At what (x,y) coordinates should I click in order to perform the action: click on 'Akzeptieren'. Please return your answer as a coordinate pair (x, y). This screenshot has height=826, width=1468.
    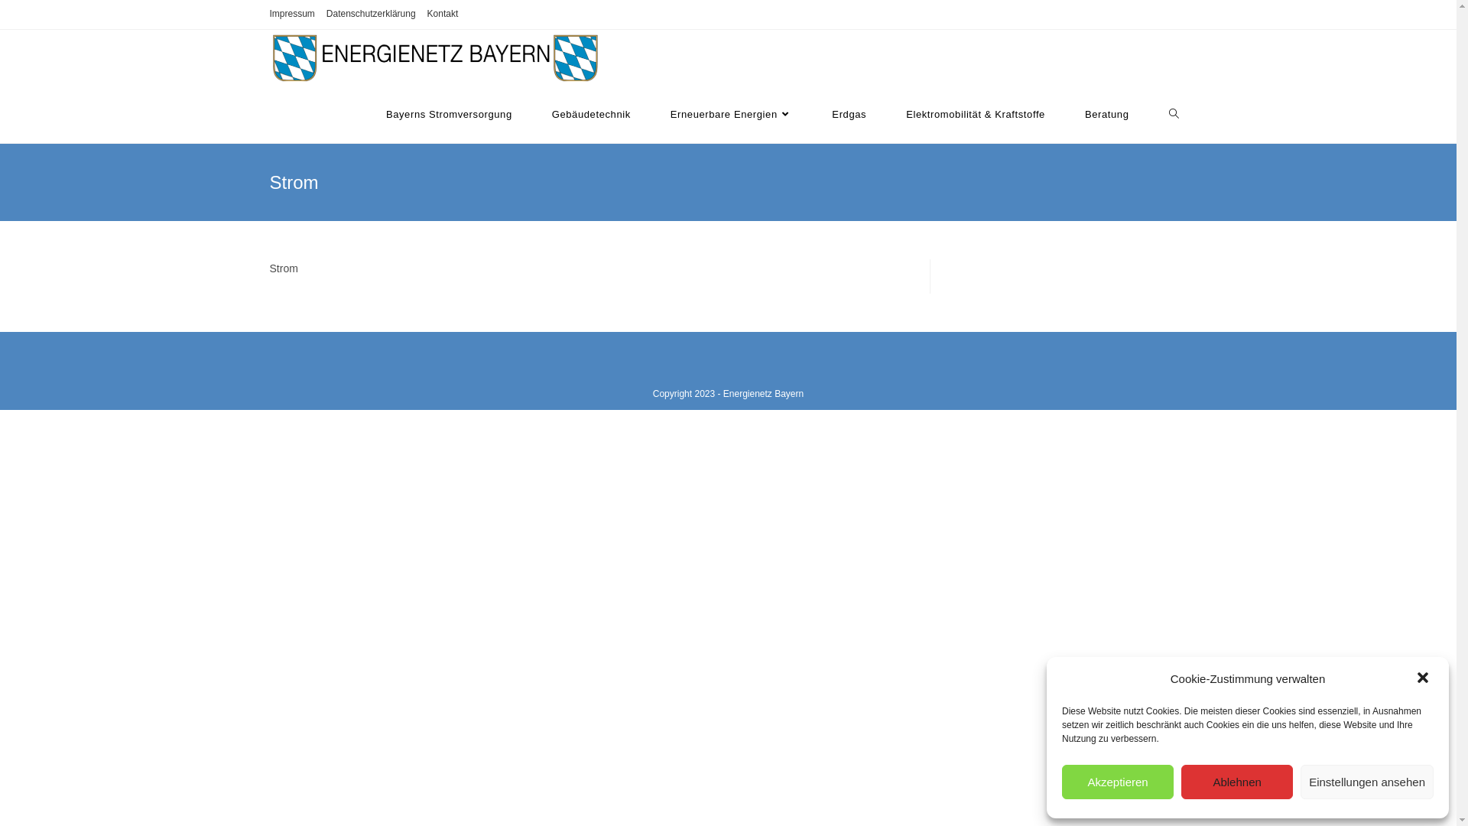
    Looking at the image, I should click on (1060, 782).